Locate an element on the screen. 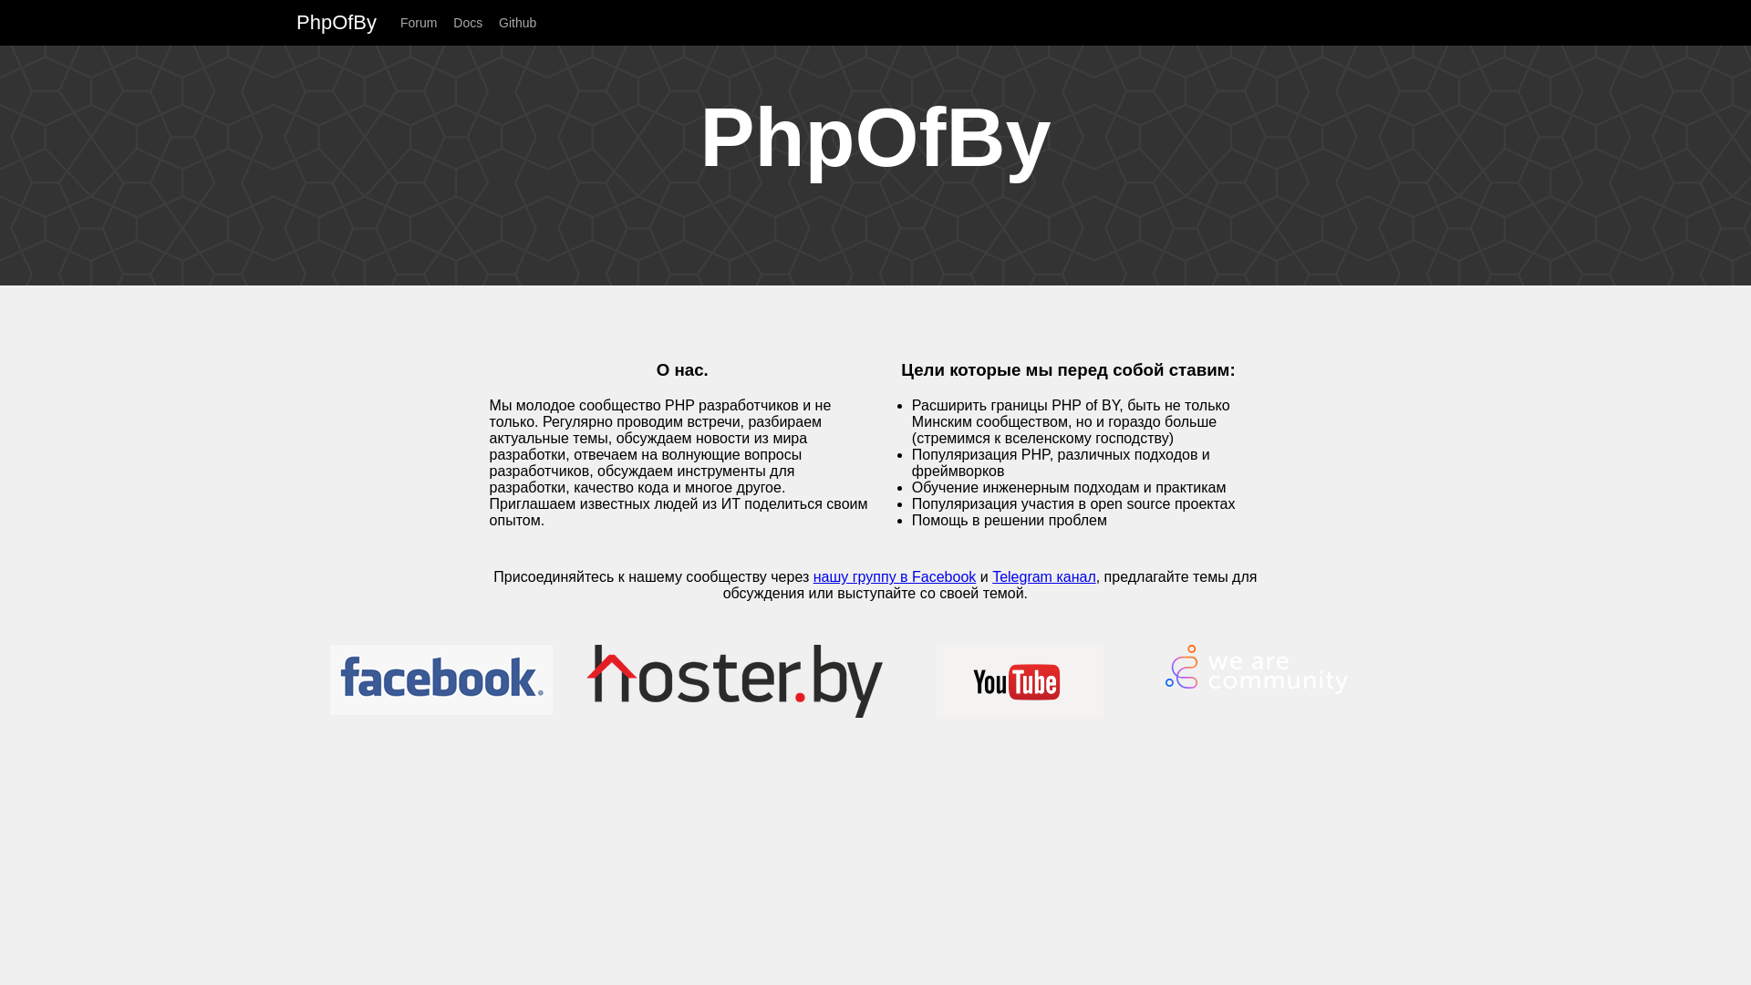 The image size is (1751, 985). 'Docs' is located at coordinates (473, 22).